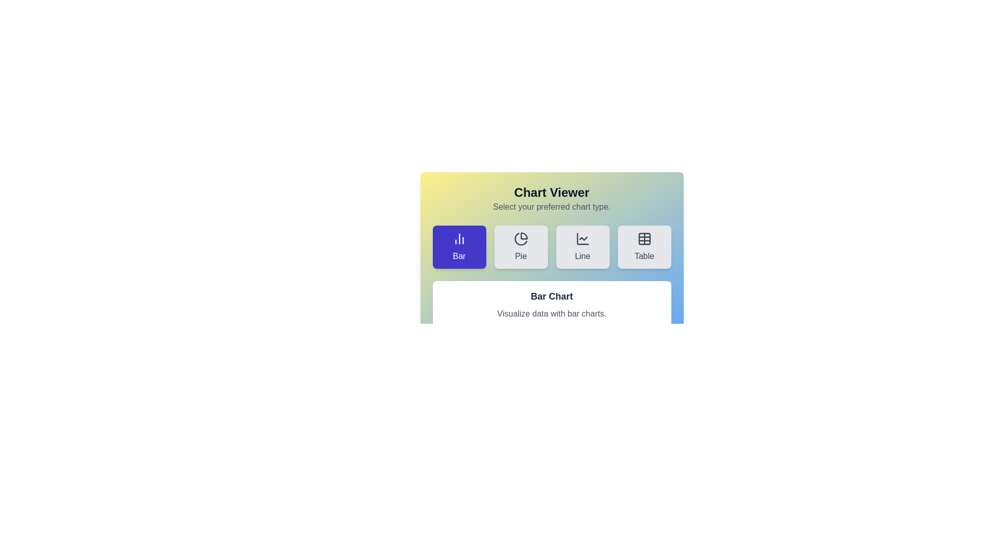 The width and height of the screenshot is (987, 555). What do you see at coordinates (521, 247) in the screenshot?
I see `the button labeled 'Pie' which is styled with rounded edges and a shadow effect` at bounding box center [521, 247].